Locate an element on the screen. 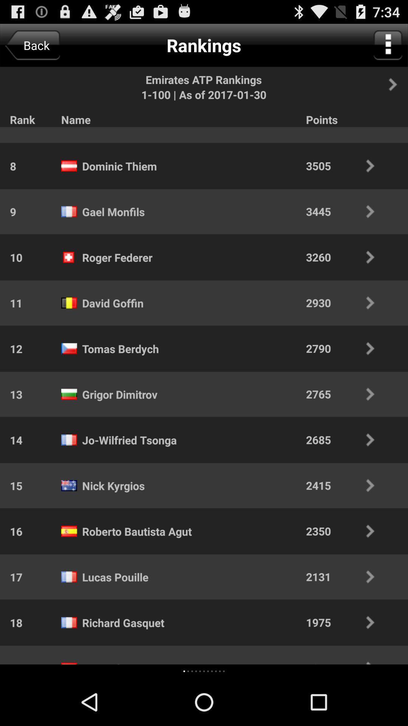  the icon to the left of 1875 icon is located at coordinates (223, 671).